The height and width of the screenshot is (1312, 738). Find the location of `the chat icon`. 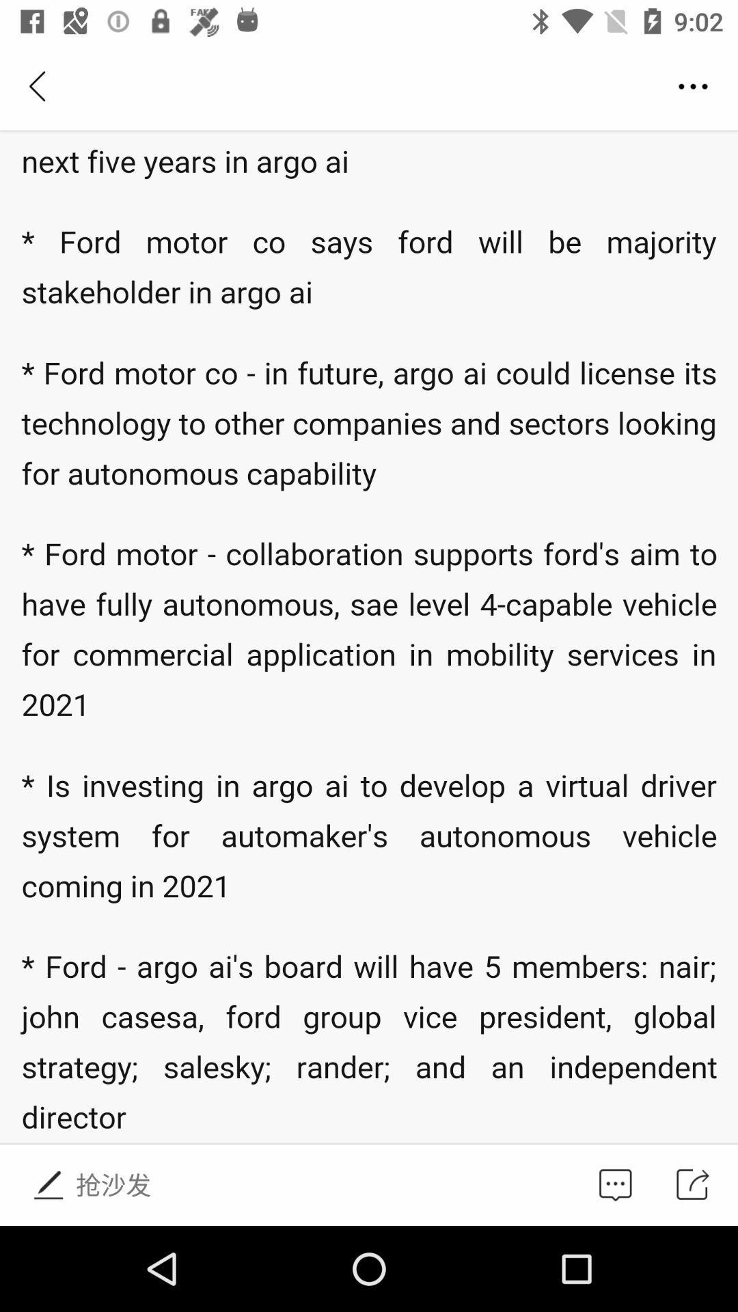

the chat icon is located at coordinates (615, 1184).